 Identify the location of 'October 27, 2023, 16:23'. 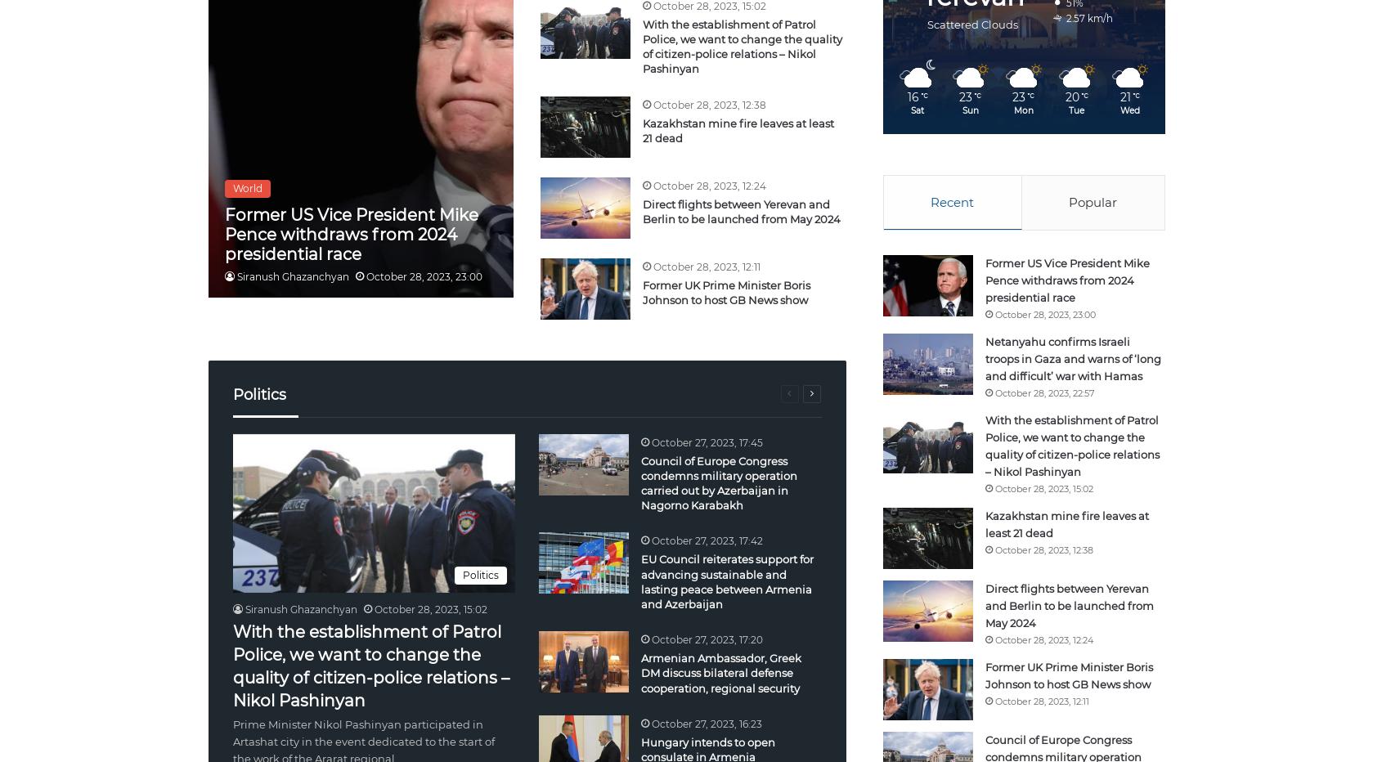
(706, 723).